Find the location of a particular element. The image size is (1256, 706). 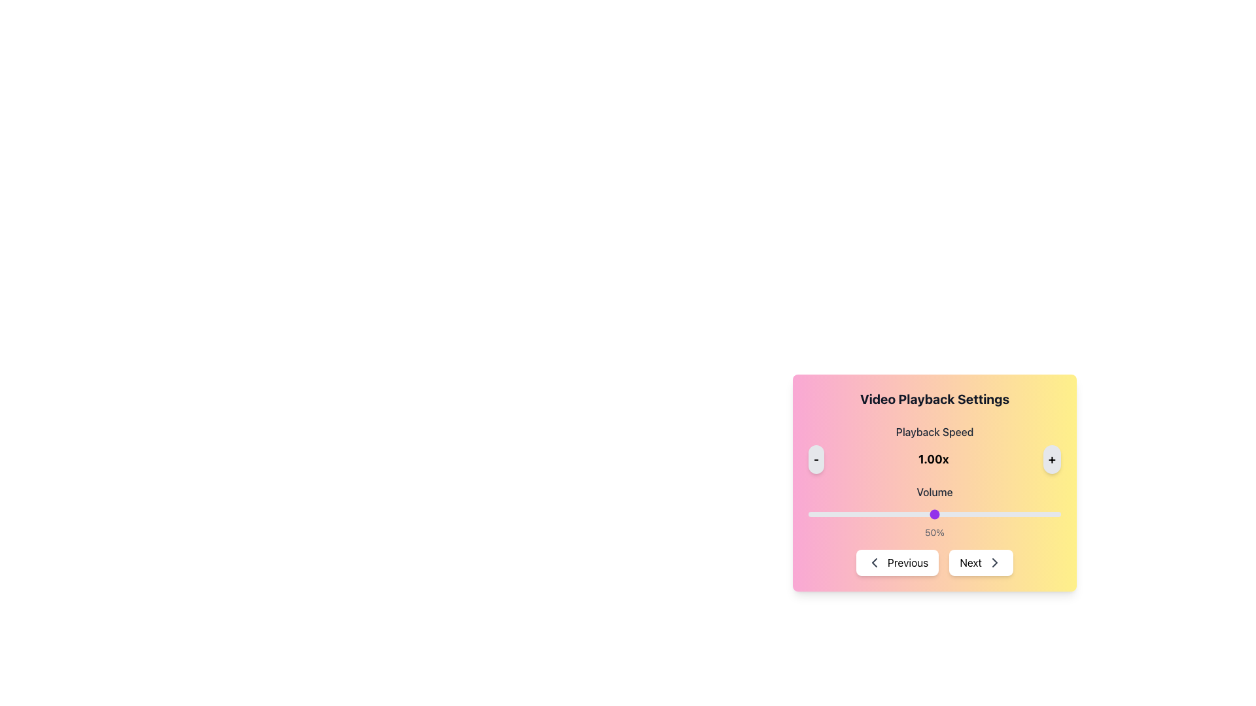

the 'Next' button located at the bottom center of the 'Video Playback Settings' card is located at coordinates (981, 562).